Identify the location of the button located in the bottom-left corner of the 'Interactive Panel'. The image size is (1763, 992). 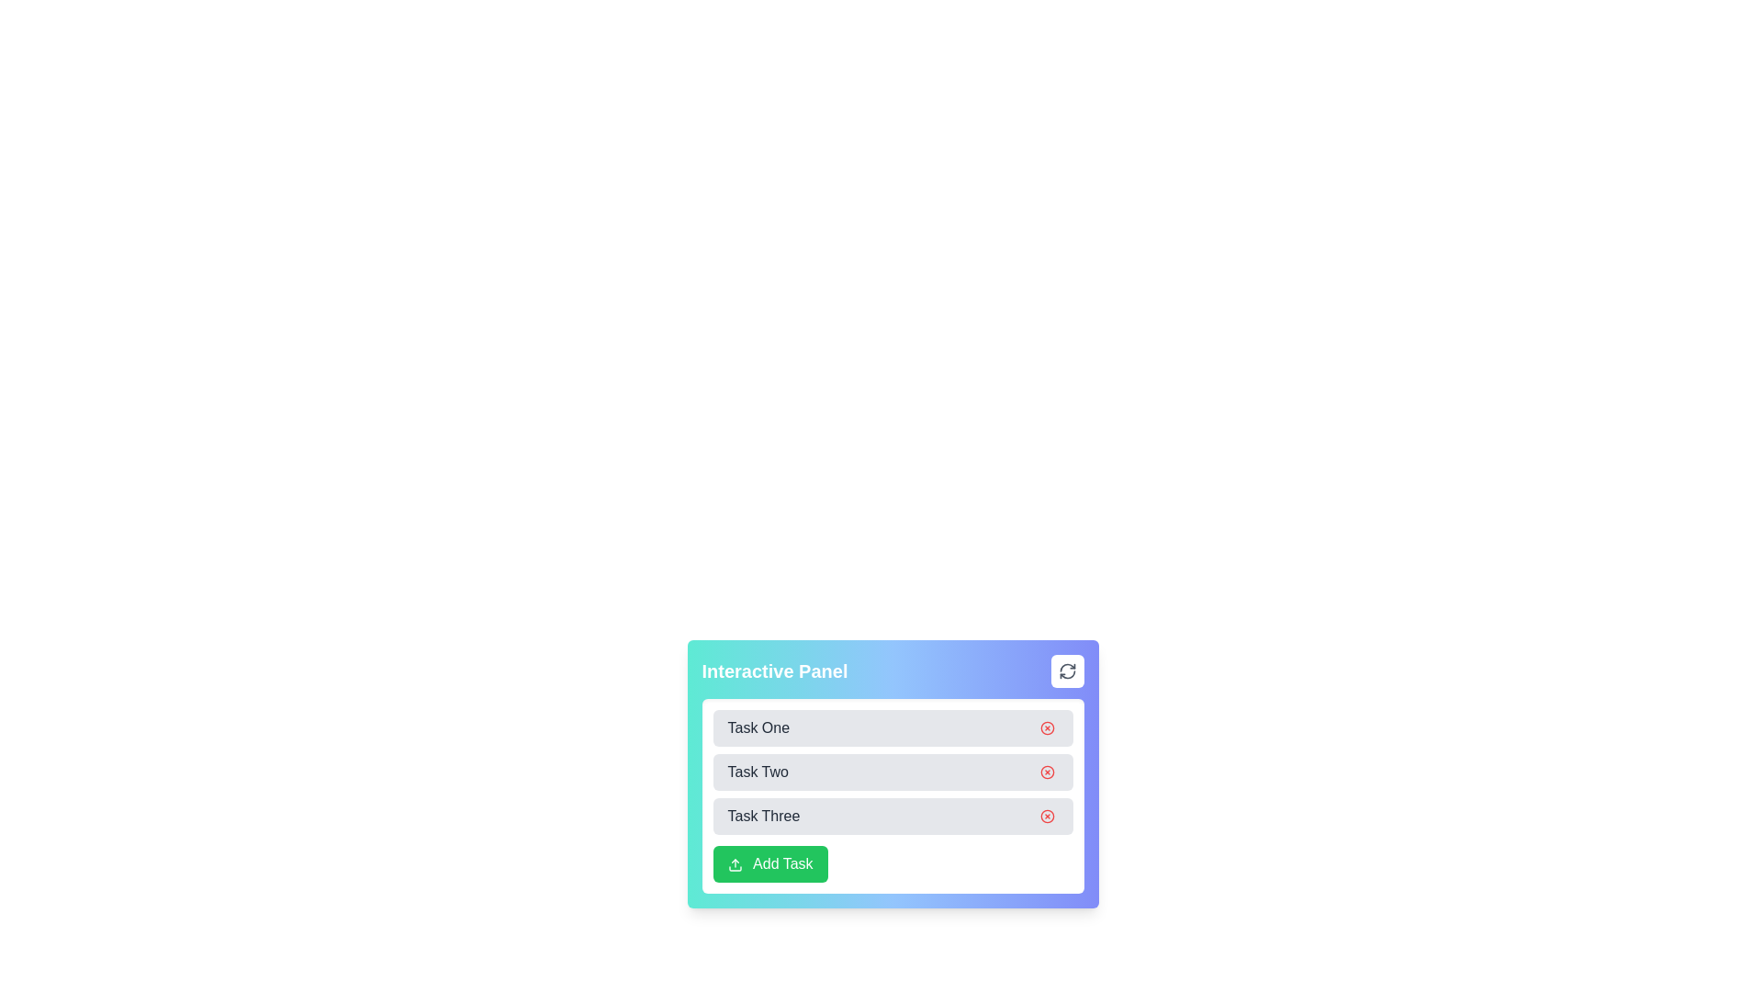
(770, 864).